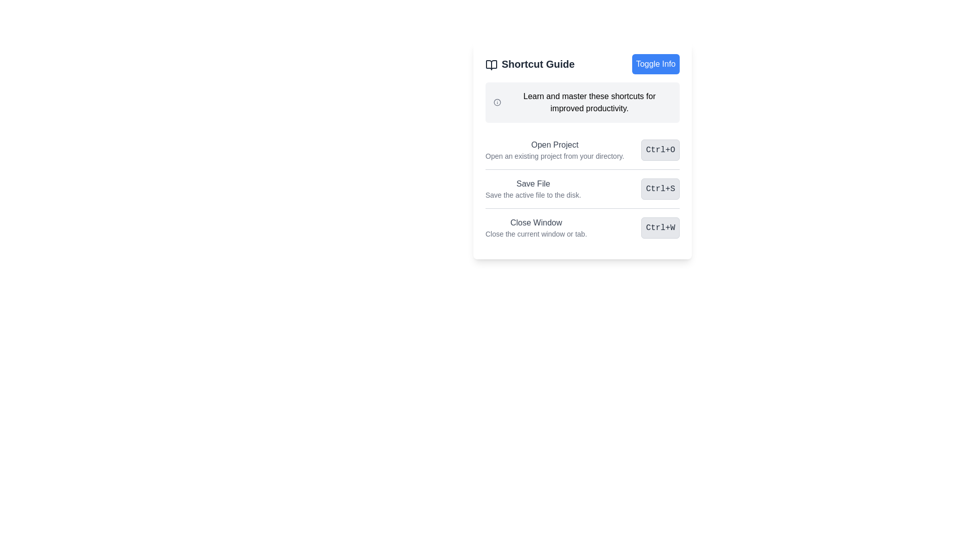 The image size is (971, 546). What do you see at coordinates (536, 228) in the screenshot?
I see `the informational text that provides details about the keyboard shortcut for closing the current window or tab, located in the bottom section of the 'Shortcut Guide' sidebar interface, specifically the third item in the list` at bounding box center [536, 228].